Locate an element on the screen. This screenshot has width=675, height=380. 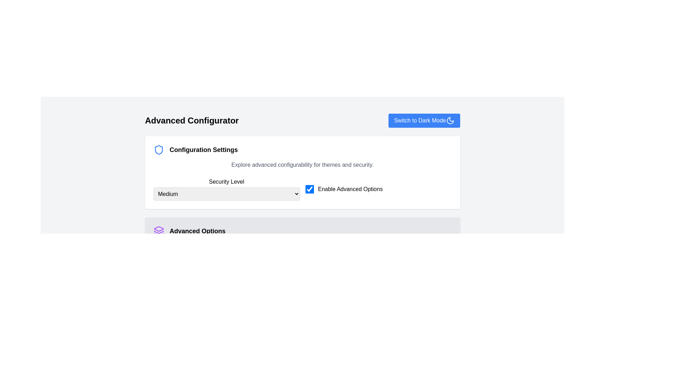
the crescent moon icon with a white outline on a blue background is located at coordinates (450, 120).